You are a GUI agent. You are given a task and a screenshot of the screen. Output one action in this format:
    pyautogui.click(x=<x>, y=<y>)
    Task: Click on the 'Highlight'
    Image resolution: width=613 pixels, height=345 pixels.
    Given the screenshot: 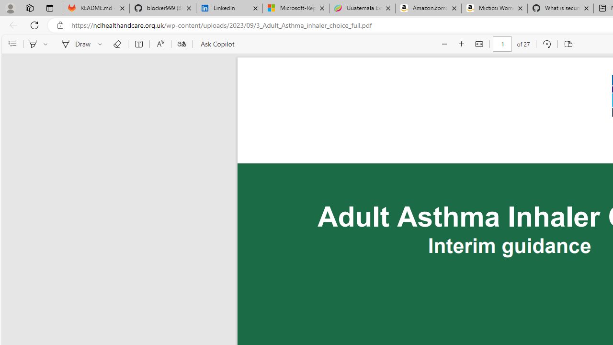 What is the action you would take?
    pyautogui.click(x=33, y=44)
    